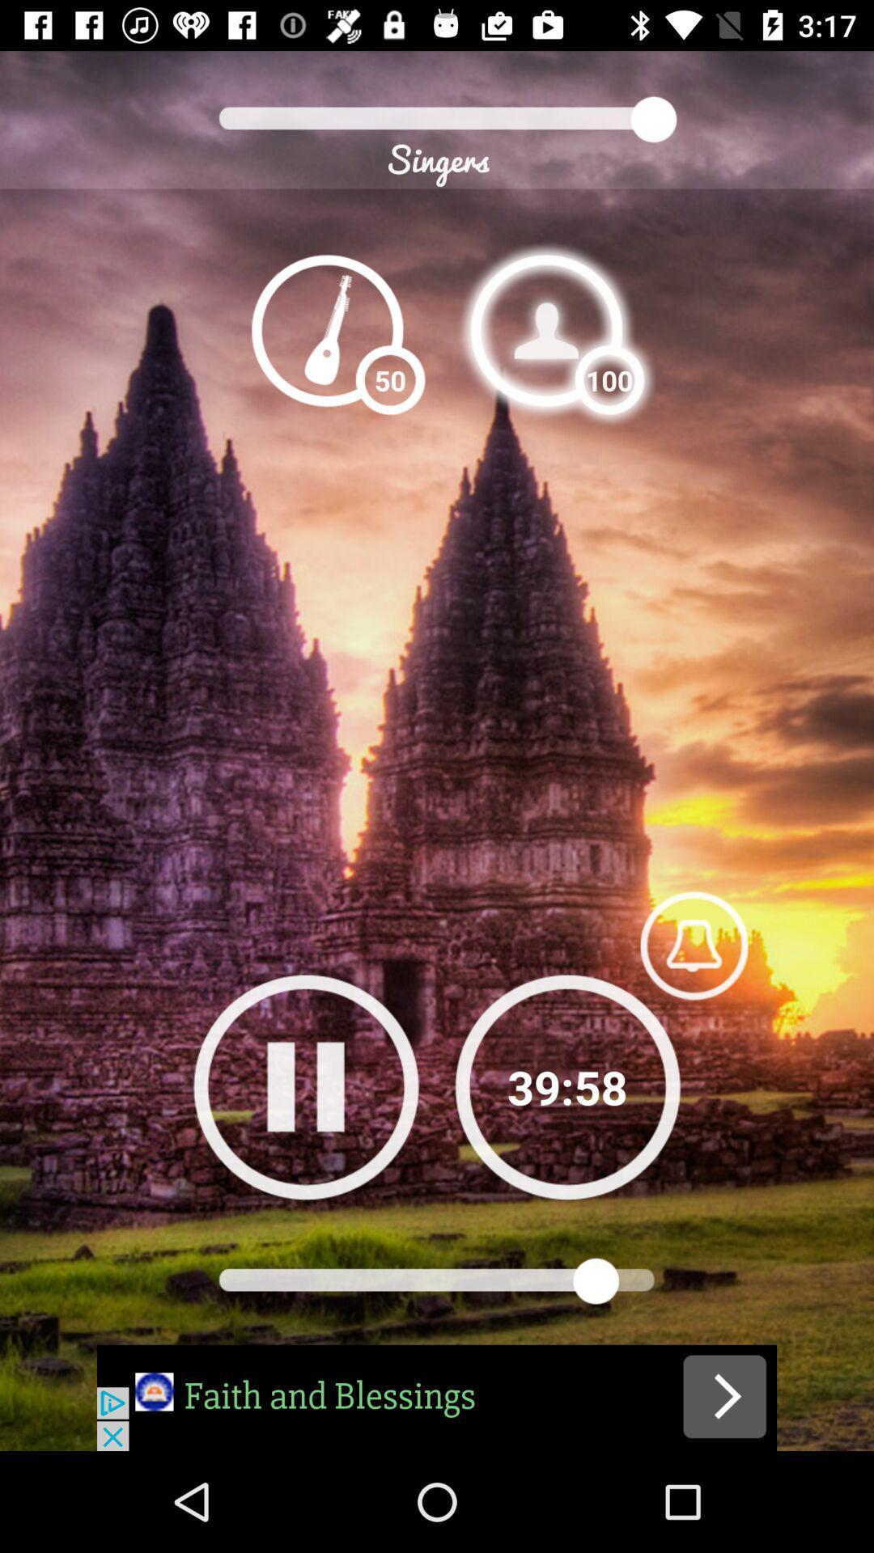 The height and width of the screenshot is (1553, 874). Describe the element at coordinates (437, 1397) in the screenshot. I see `the song` at that location.